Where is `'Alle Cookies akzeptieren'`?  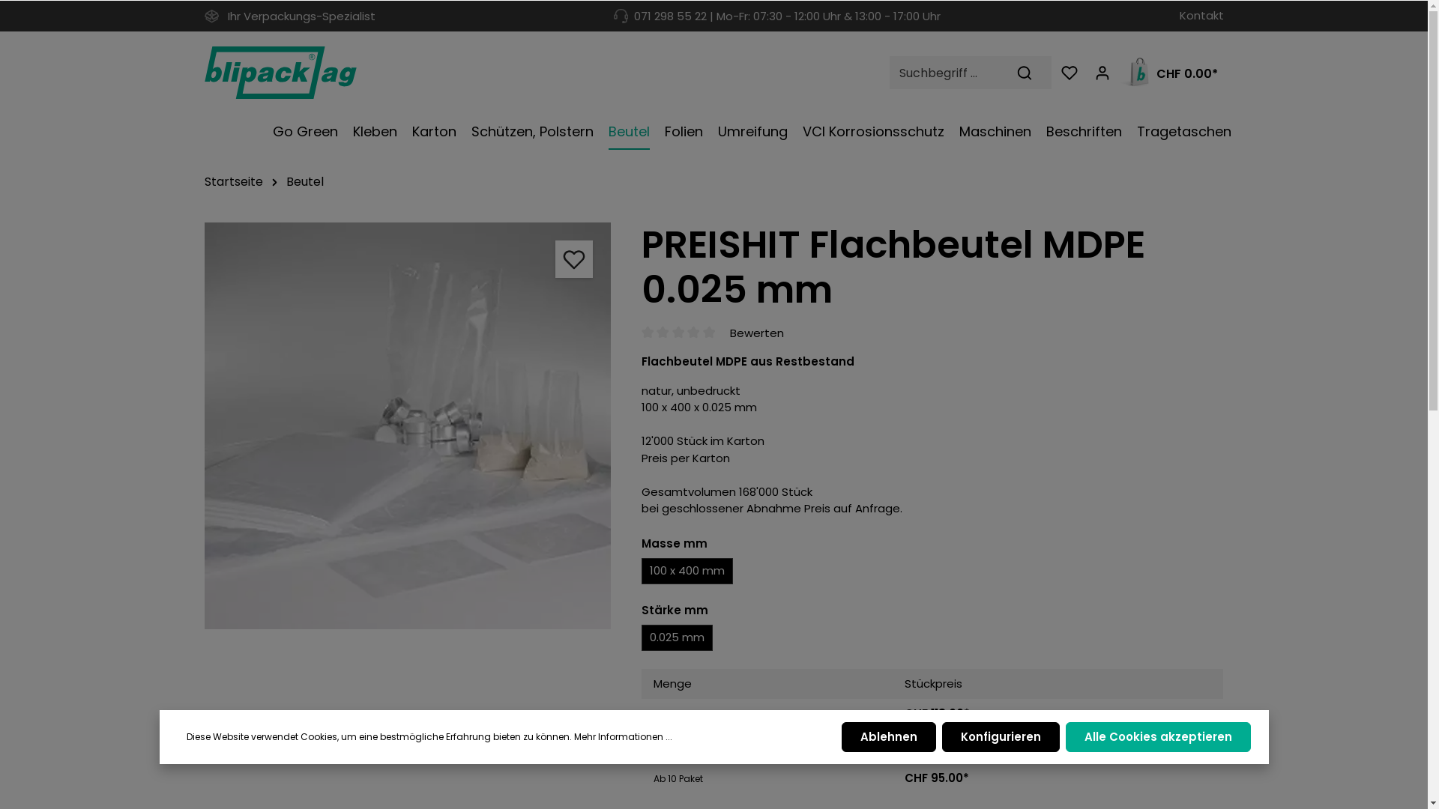
'Alle Cookies akzeptieren' is located at coordinates (1064, 736).